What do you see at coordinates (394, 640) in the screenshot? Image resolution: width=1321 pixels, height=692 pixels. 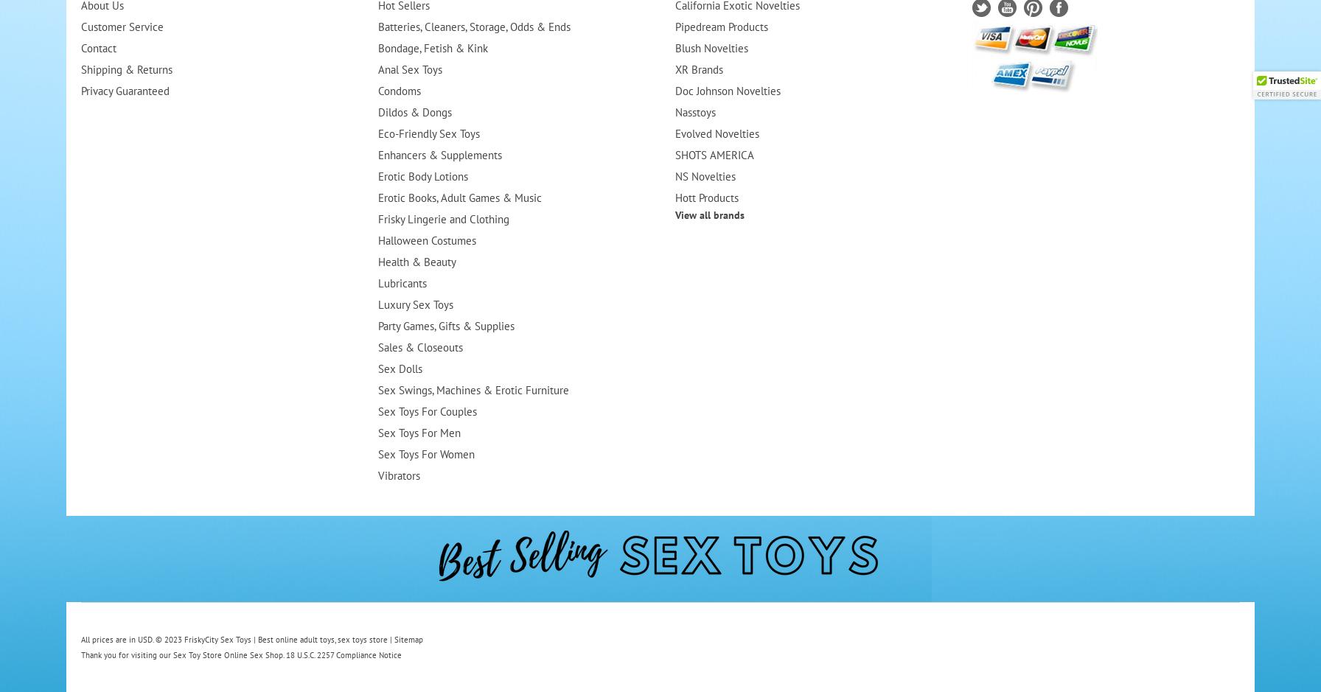 I see `'Sitemap'` at bounding box center [394, 640].